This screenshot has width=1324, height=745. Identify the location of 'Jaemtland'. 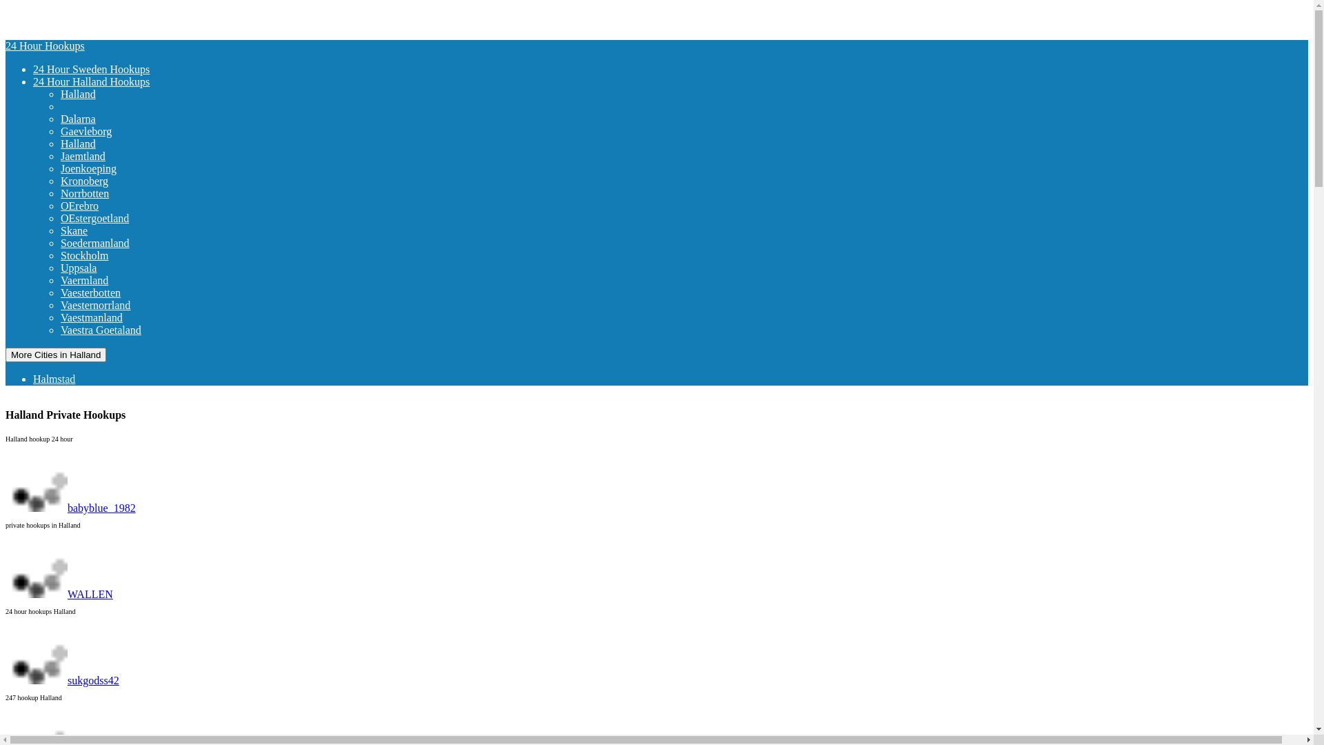
(106, 155).